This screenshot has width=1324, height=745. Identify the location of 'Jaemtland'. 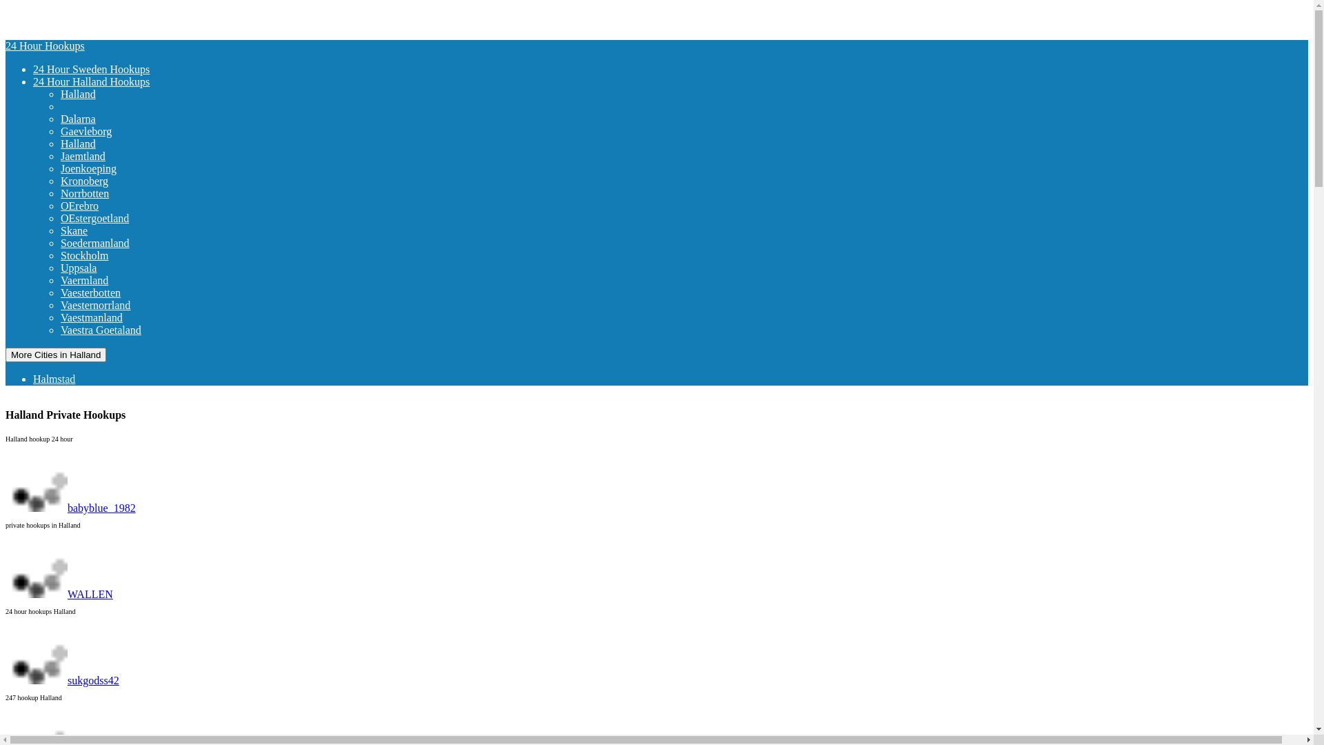
(106, 155).